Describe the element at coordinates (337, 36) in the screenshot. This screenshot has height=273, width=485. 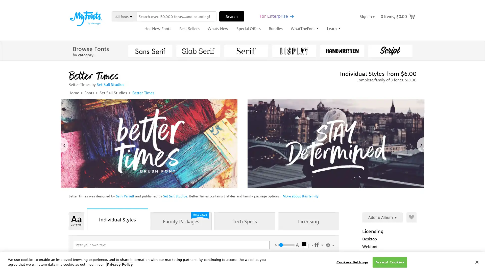
I see `Close` at that location.